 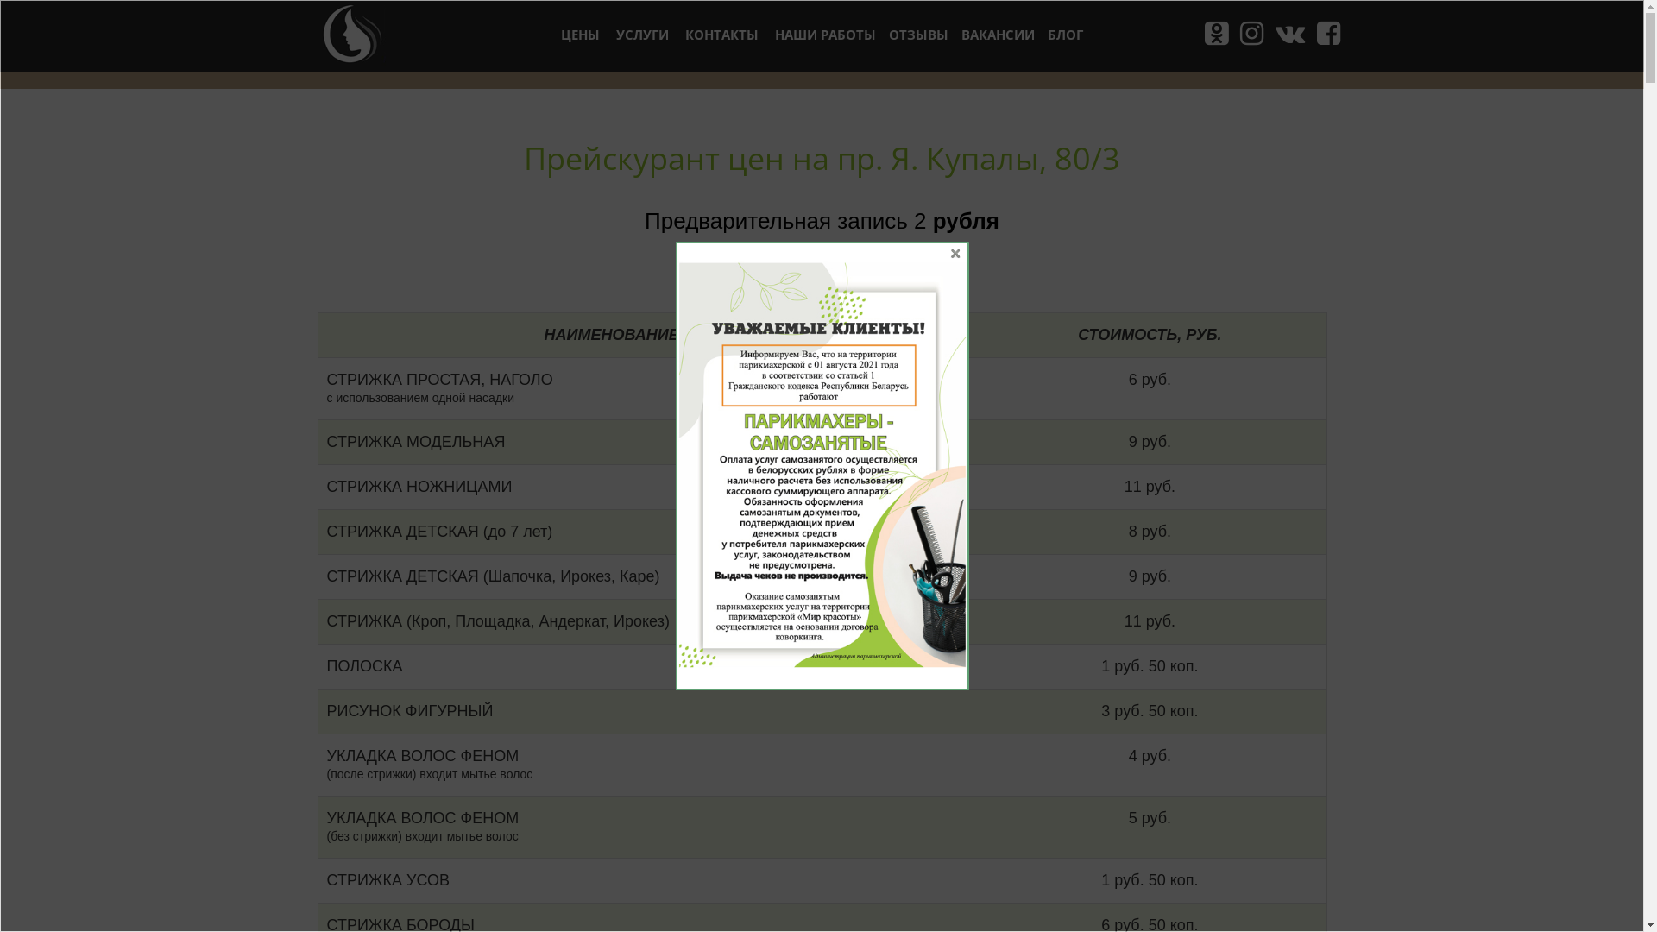 What do you see at coordinates (953, 253) in the screenshot?
I see `'X'` at bounding box center [953, 253].